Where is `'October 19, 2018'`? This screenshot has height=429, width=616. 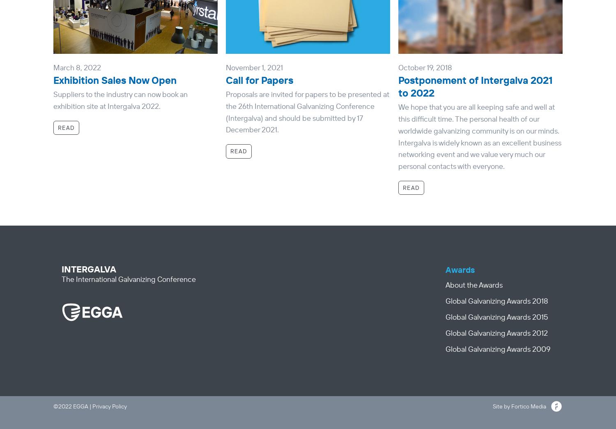 'October 19, 2018' is located at coordinates (398, 67).